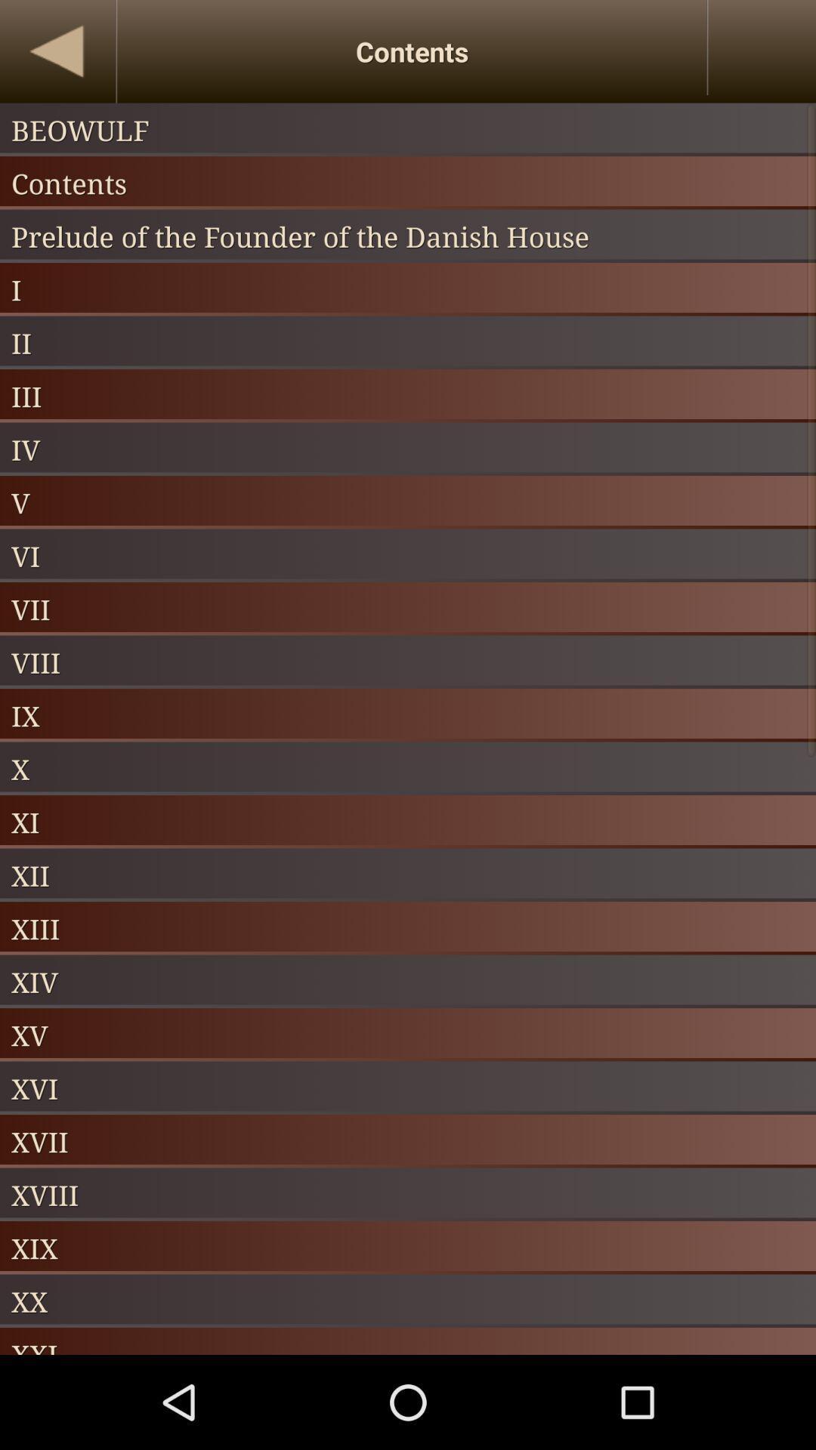  I want to click on item next to the contents icon, so click(57, 51).